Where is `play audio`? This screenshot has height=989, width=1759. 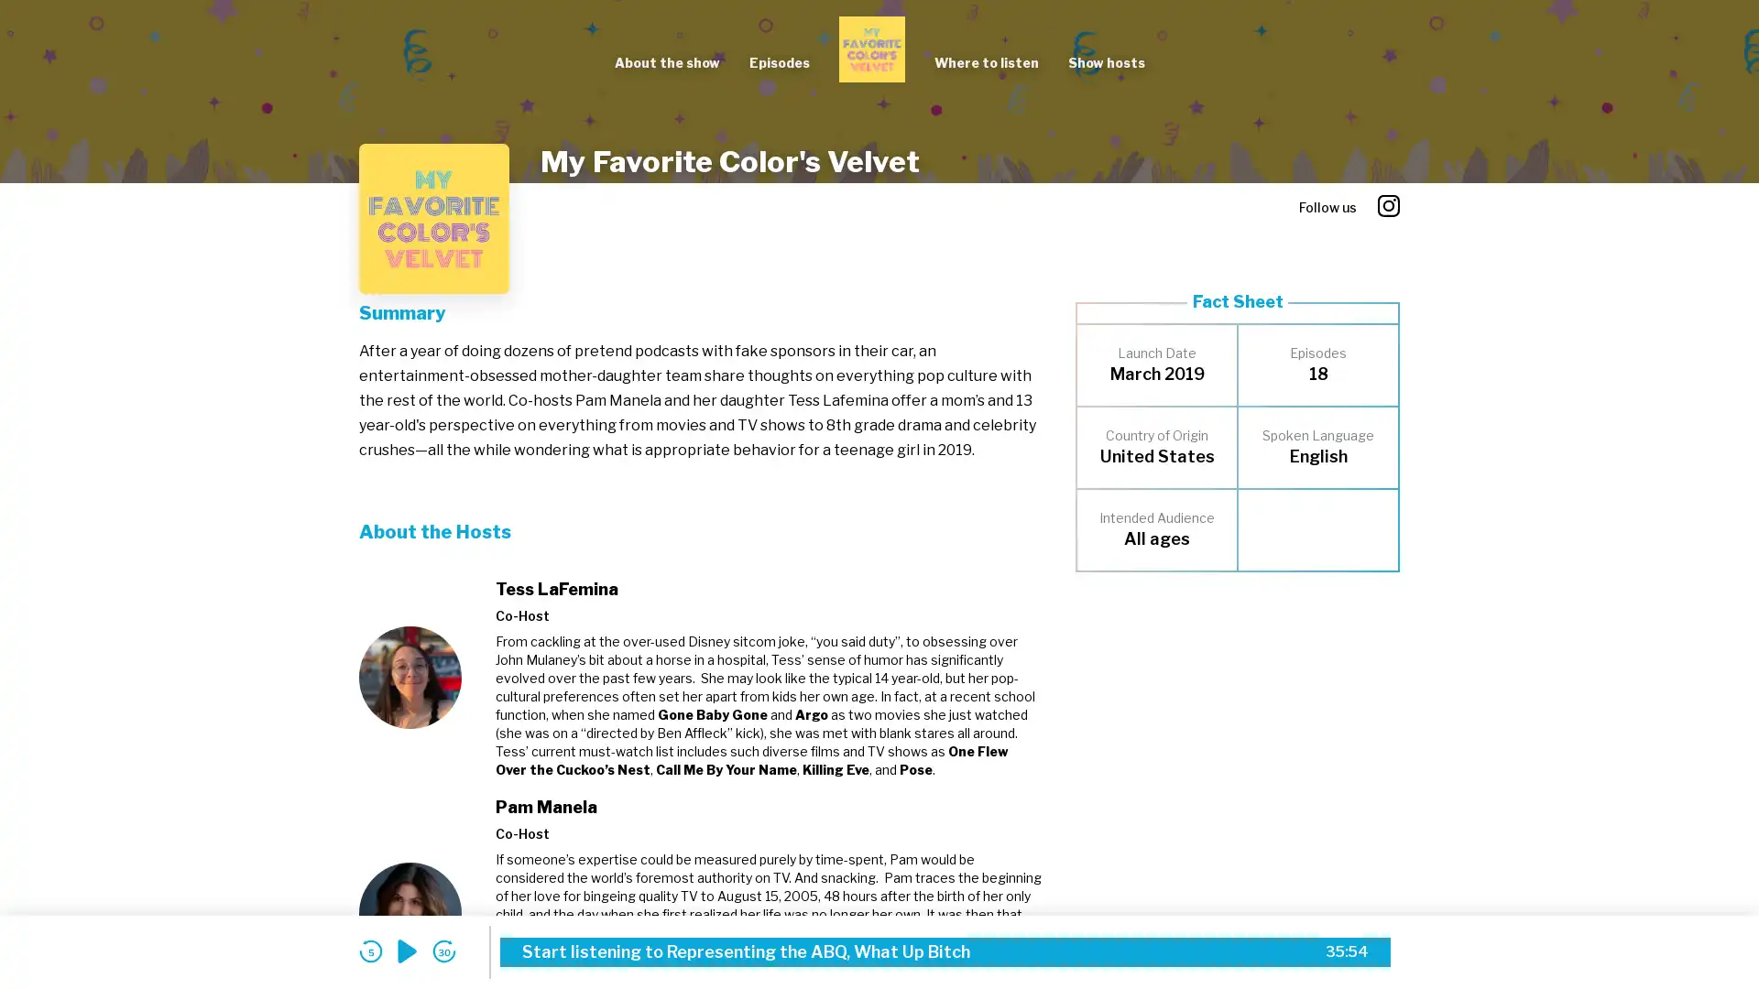 play audio is located at coordinates (407, 951).